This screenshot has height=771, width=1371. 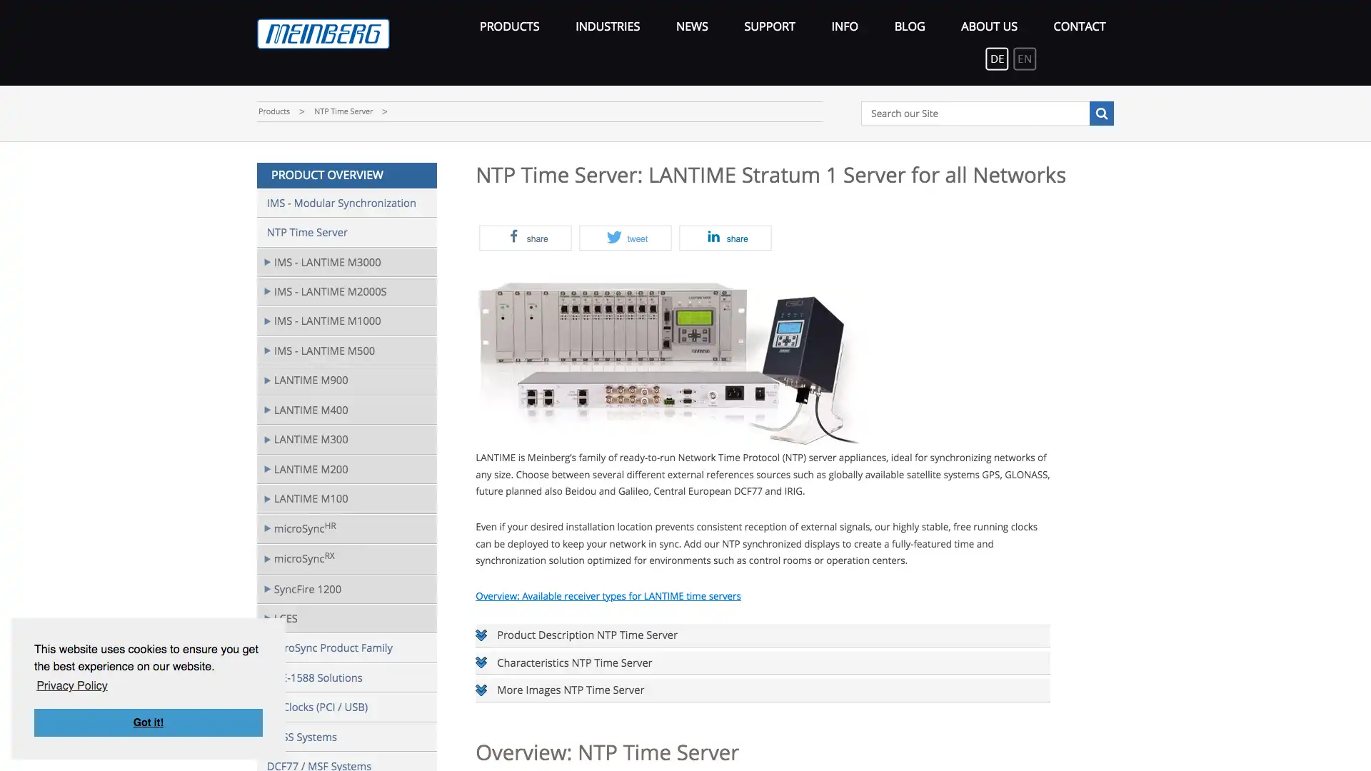 I want to click on learn more about cookies, so click(x=71, y=685).